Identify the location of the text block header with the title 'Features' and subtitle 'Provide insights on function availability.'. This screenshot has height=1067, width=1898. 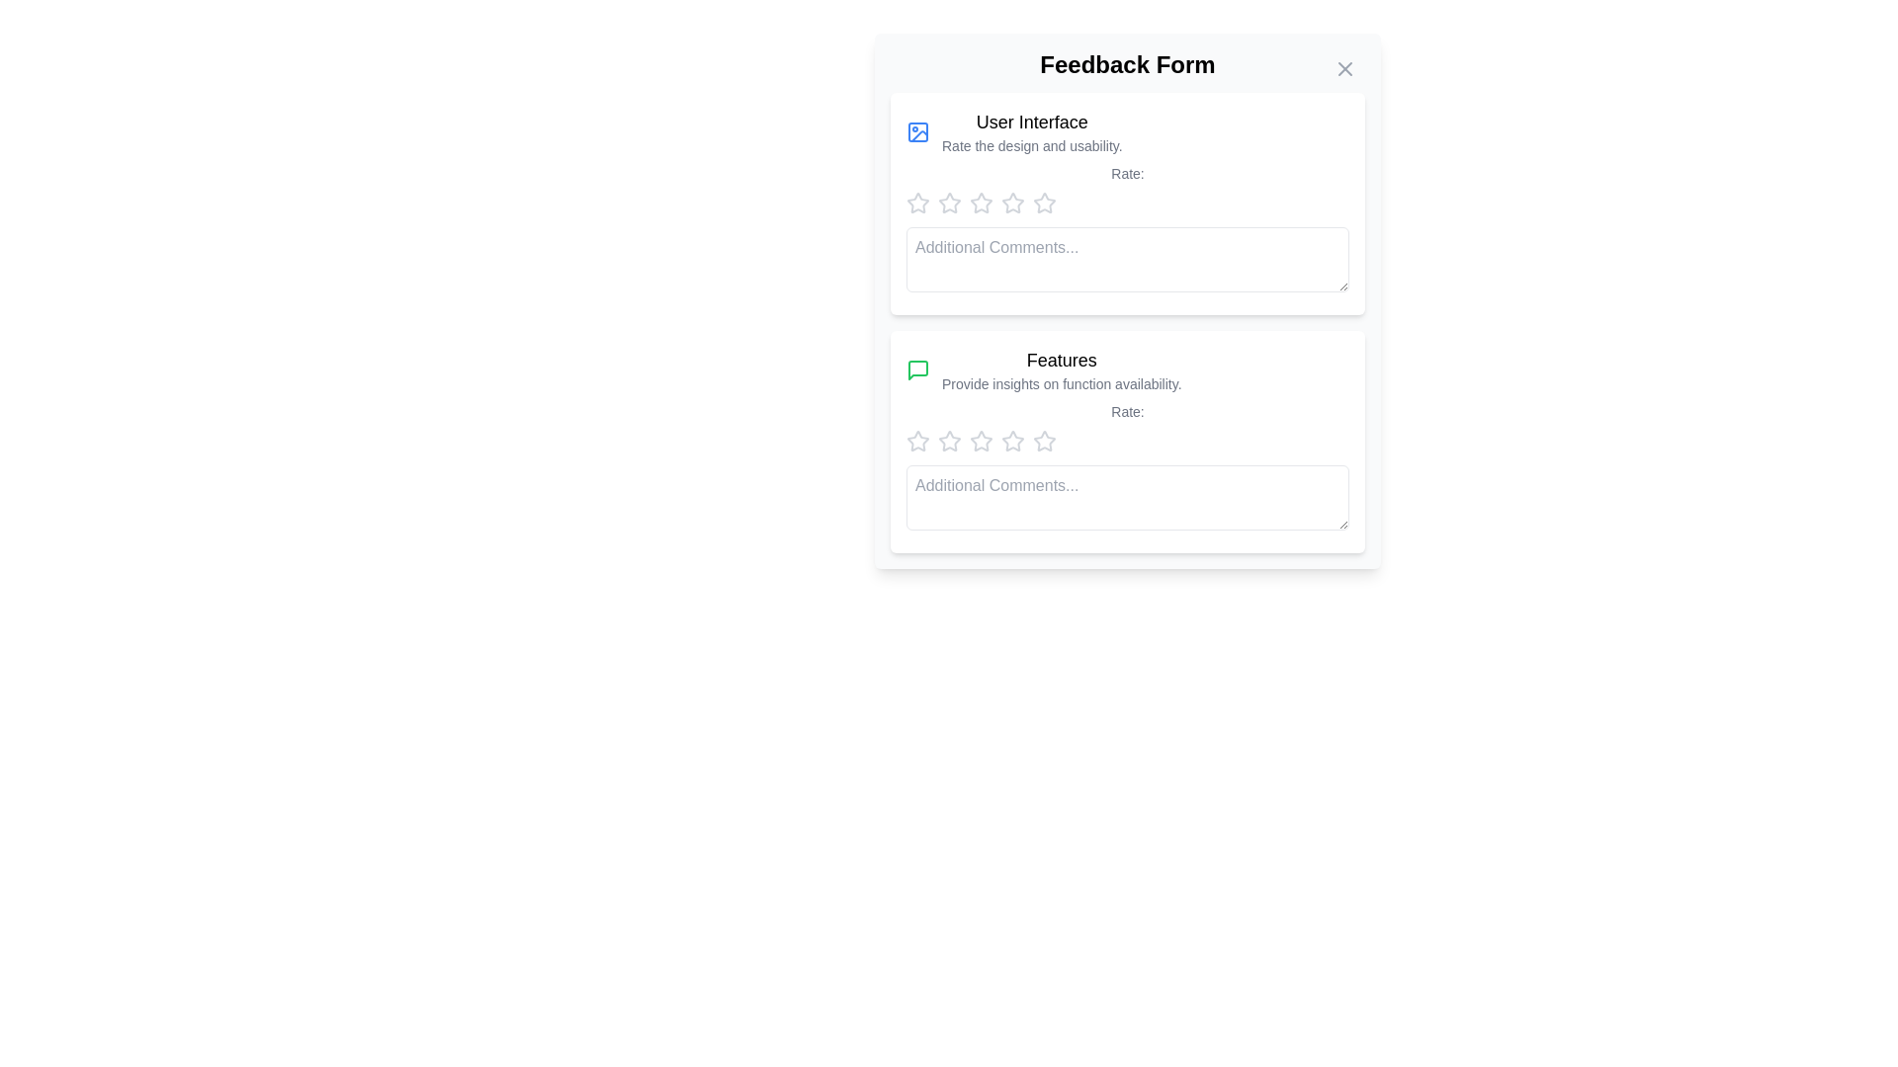
(1061, 369).